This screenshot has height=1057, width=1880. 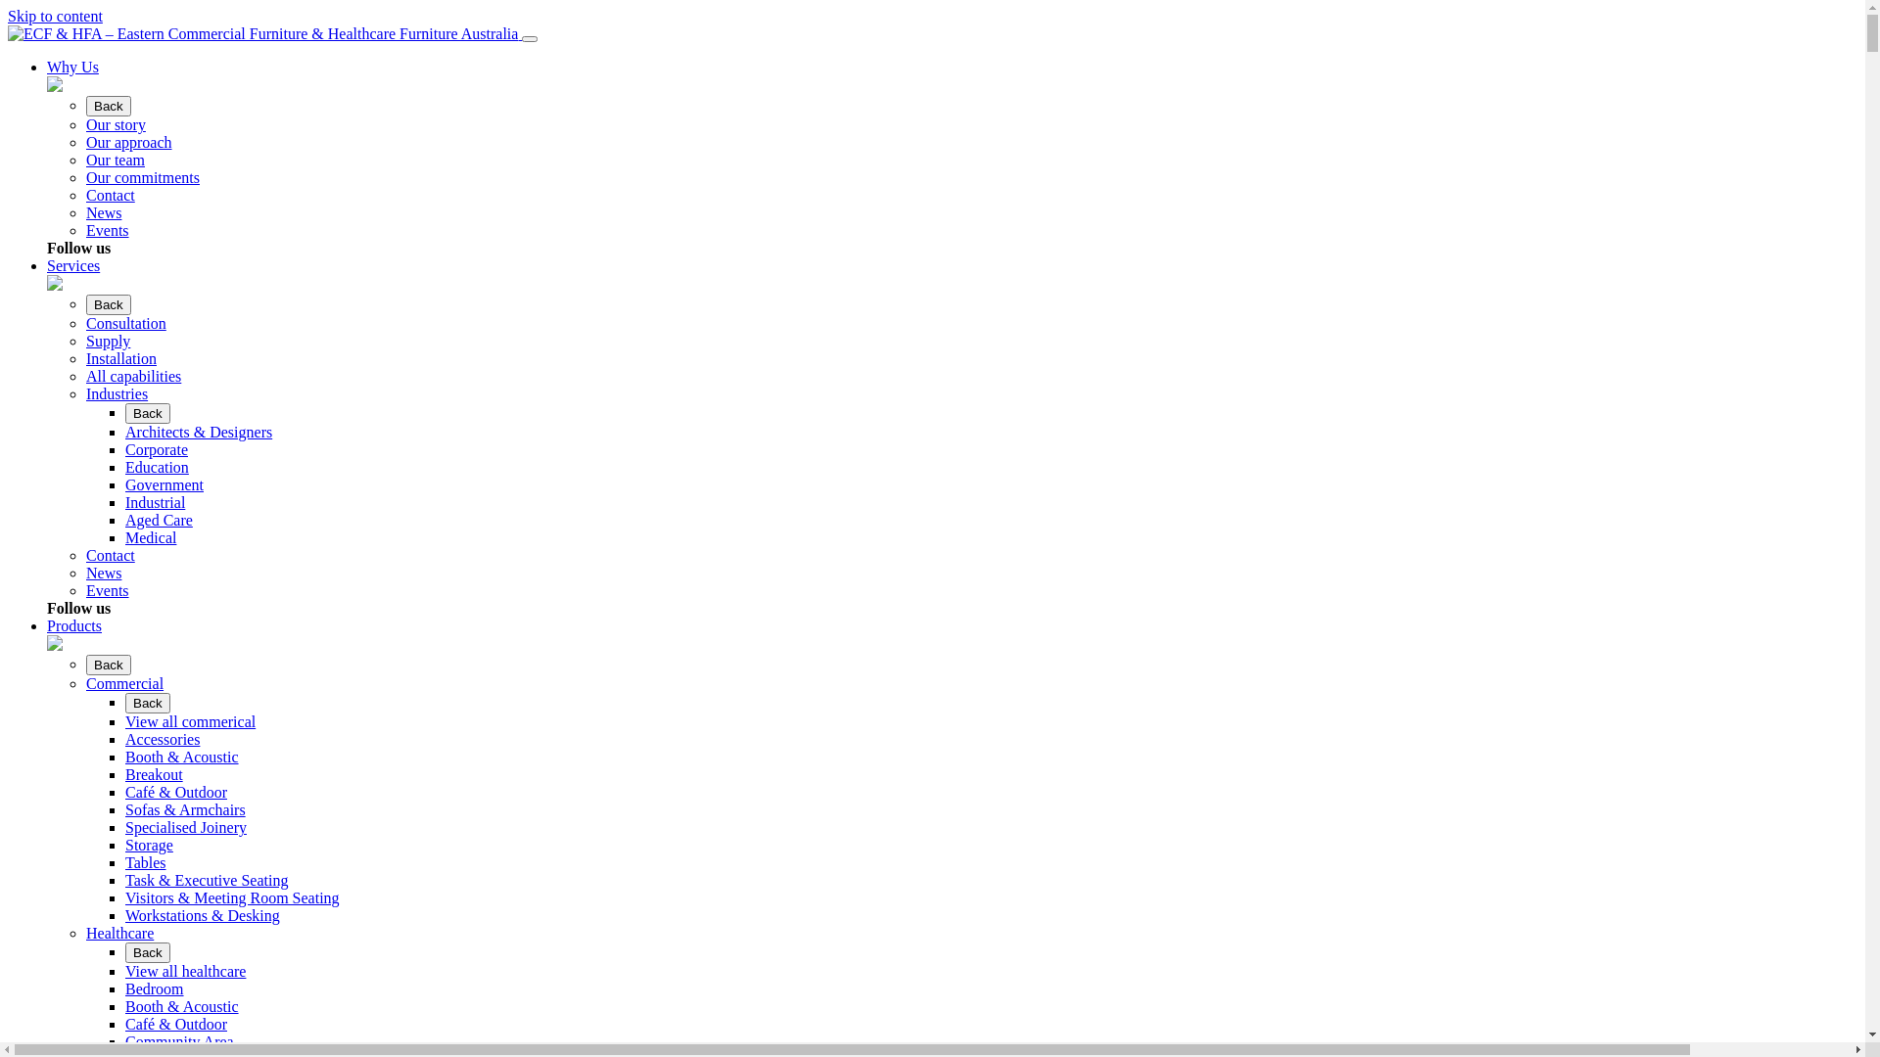 What do you see at coordinates (163, 739) in the screenshot?
I see `'Accessories'` at bounding box center [163, 739].